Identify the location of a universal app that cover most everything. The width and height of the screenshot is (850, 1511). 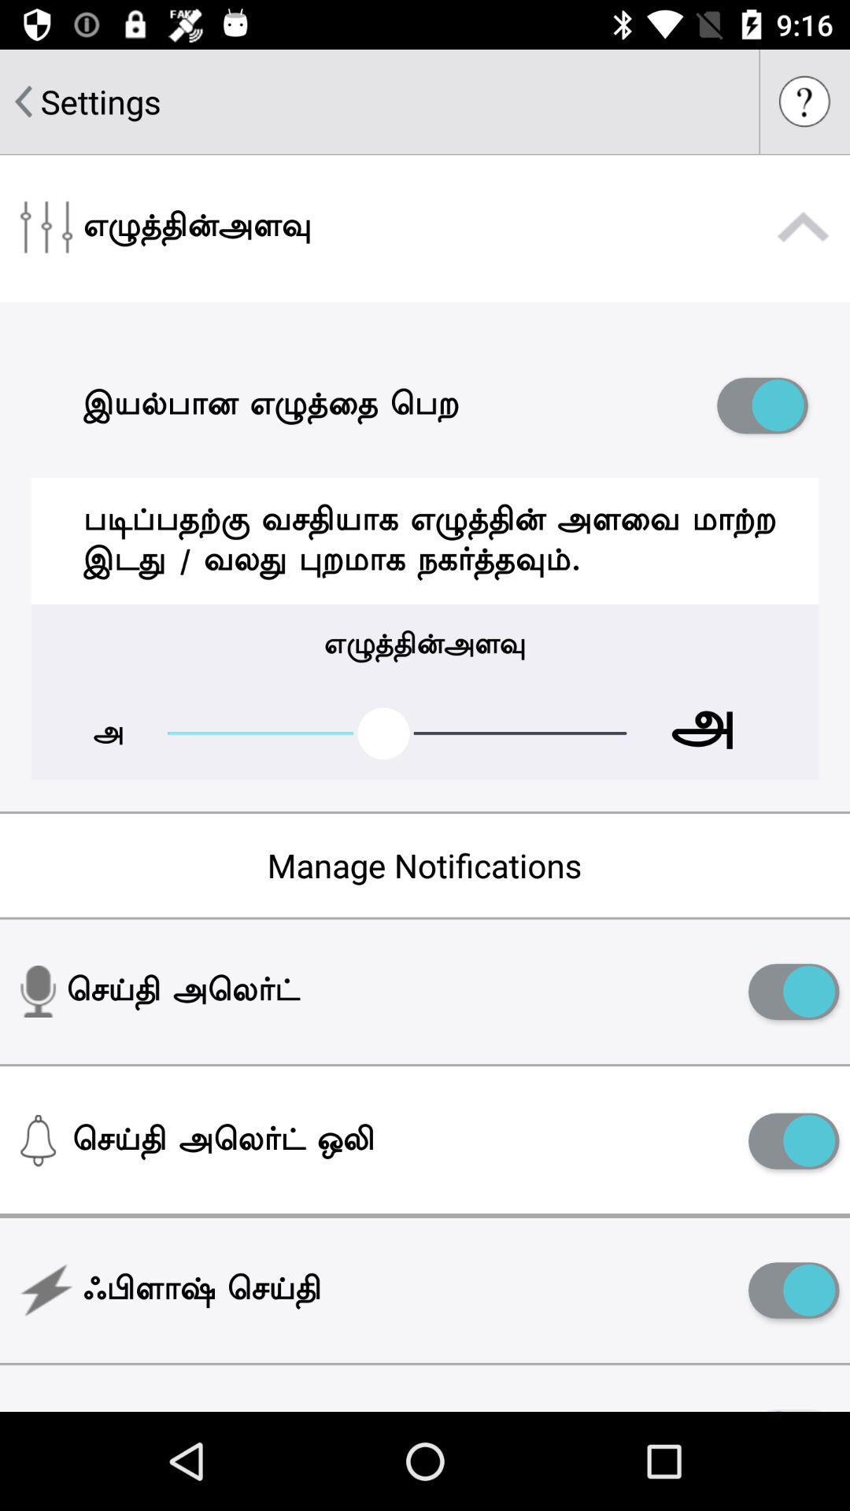
(793, 1290).